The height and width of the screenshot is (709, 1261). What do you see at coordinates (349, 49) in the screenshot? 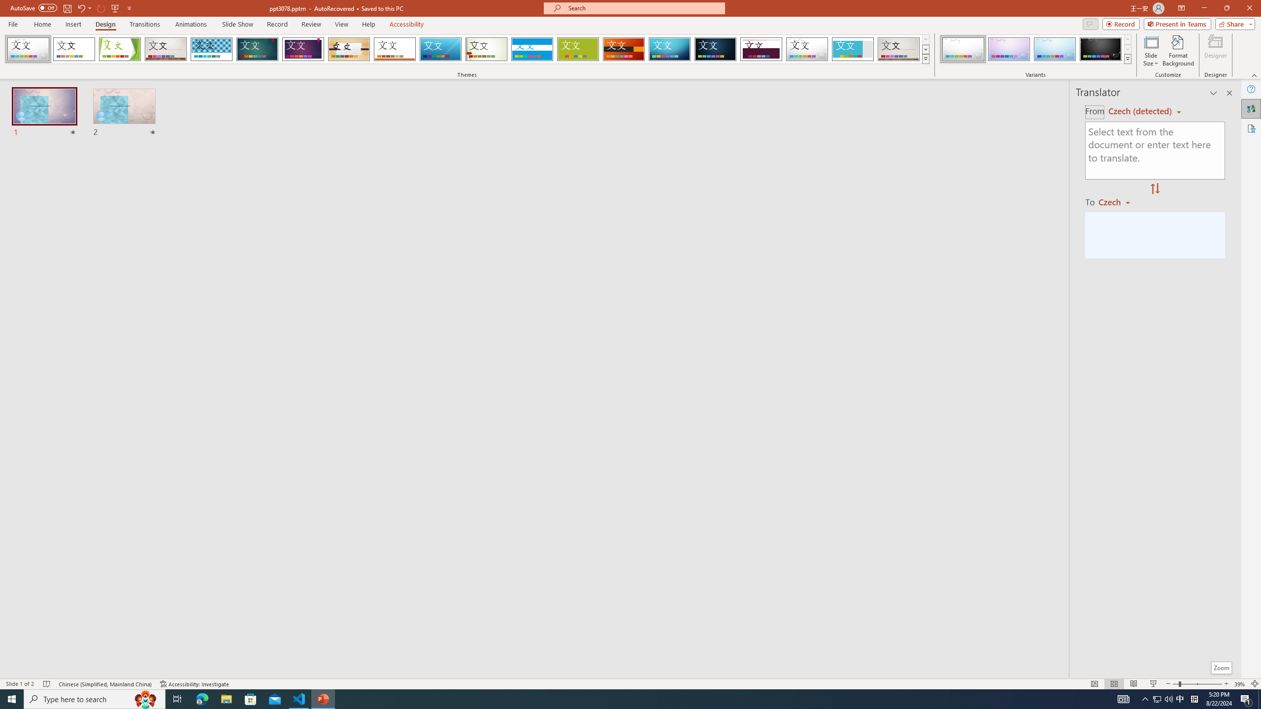
I see `'Organic'` at bounding box center [349, 49].